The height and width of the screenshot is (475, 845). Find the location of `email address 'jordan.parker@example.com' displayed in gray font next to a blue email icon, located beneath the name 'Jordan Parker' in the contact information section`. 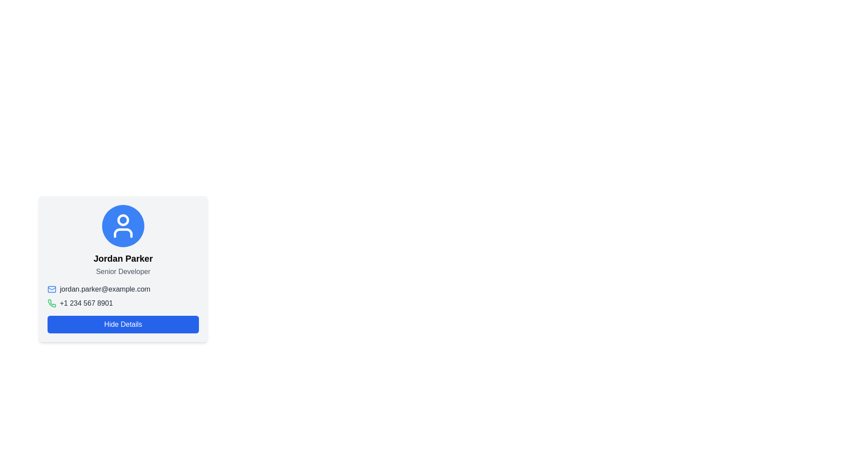

email address 'jordan.parker@example.com' displayed in gray font next to a blue email icon, located beneath the name 'Jordan Parker' in the contact information section is located at coordinates (122, 289).